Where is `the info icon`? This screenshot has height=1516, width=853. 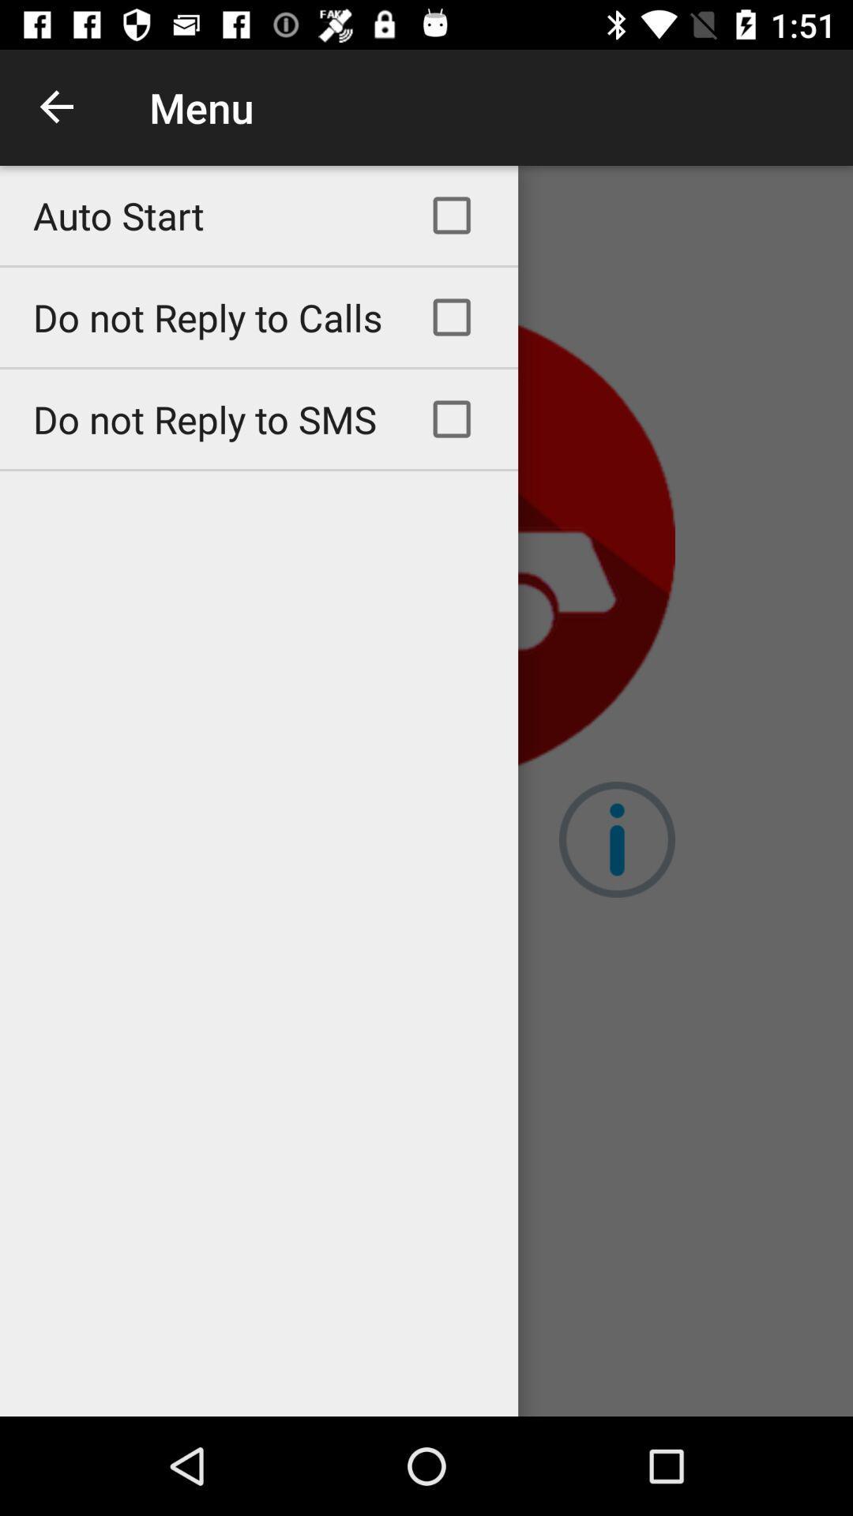 the info icon is located at coordinates (616, 839).